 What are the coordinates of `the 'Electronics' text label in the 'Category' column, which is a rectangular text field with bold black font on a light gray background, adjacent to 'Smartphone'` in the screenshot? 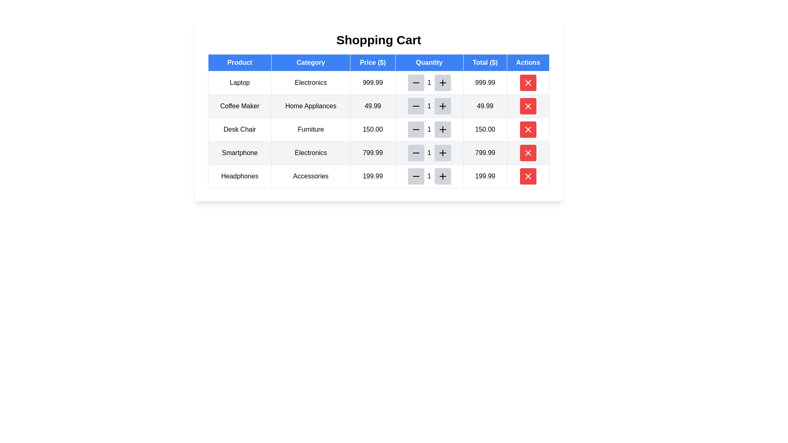 It's located at (310, 153).